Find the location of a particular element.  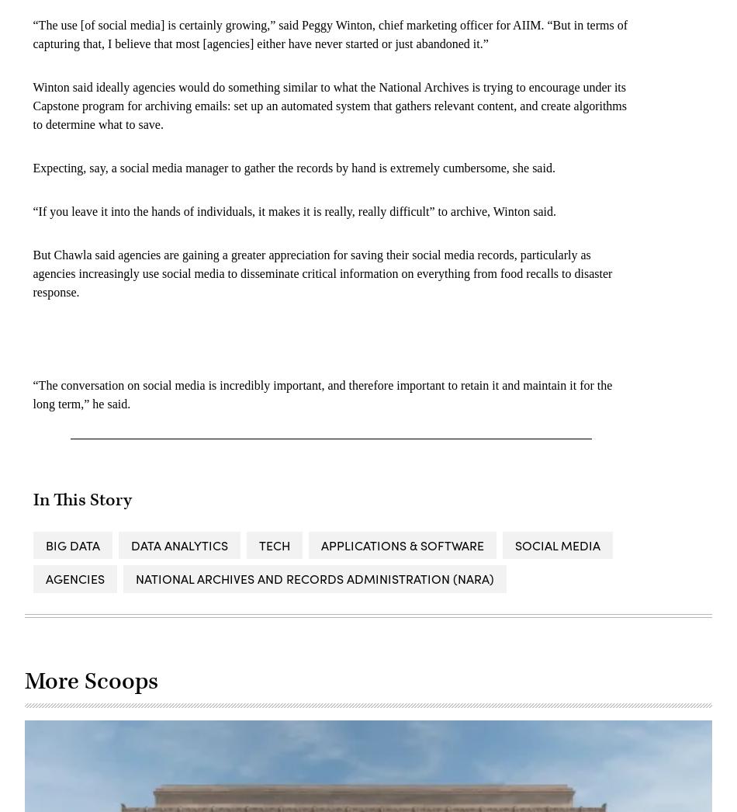

'Applications & Software' is located at coordinates (319, 544).